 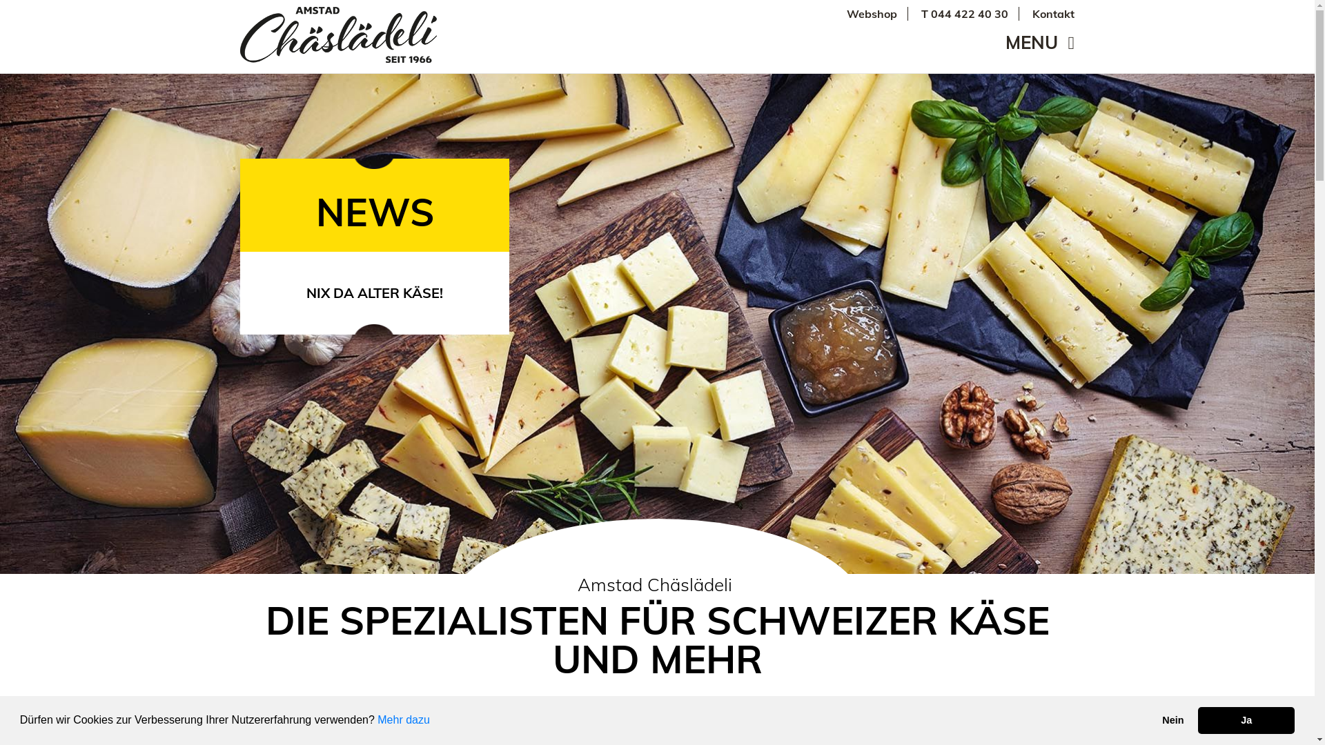 I want to click on 'Ja', so click(x=1246, y=719).